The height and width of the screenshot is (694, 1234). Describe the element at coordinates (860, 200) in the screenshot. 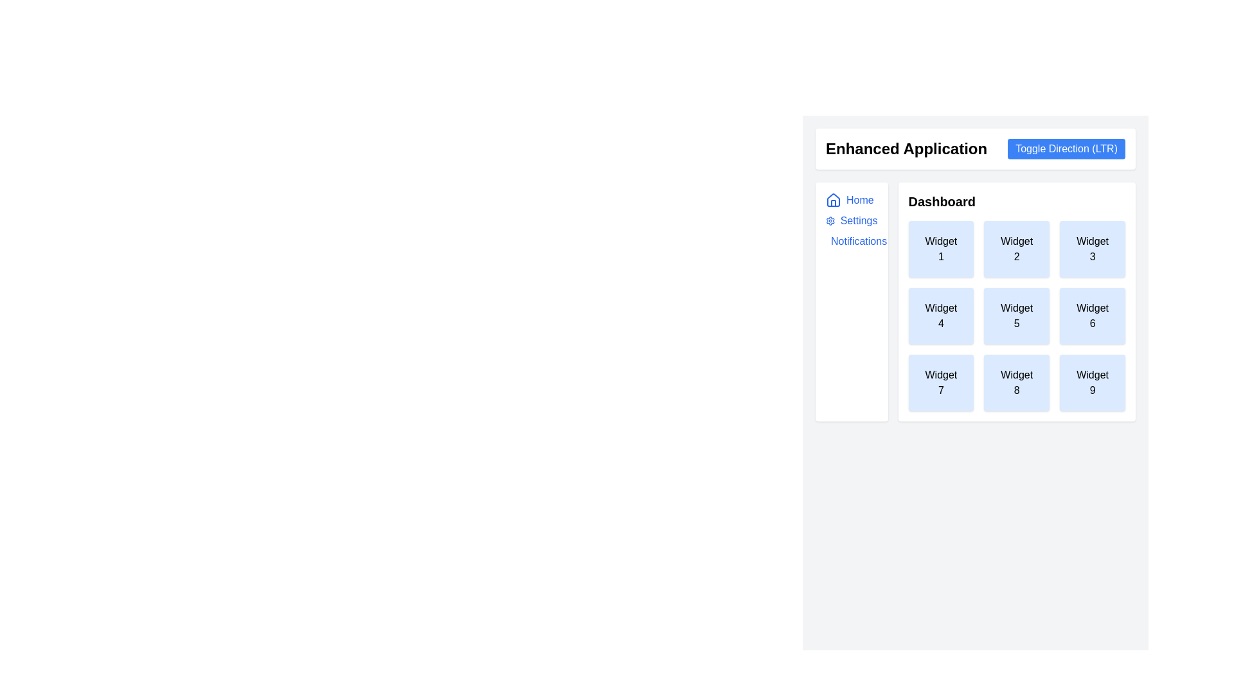

I see `the 'Home' text label in blue font located in the left-side navigation pane, immediately to the right of the house-shaped icon` at that location.